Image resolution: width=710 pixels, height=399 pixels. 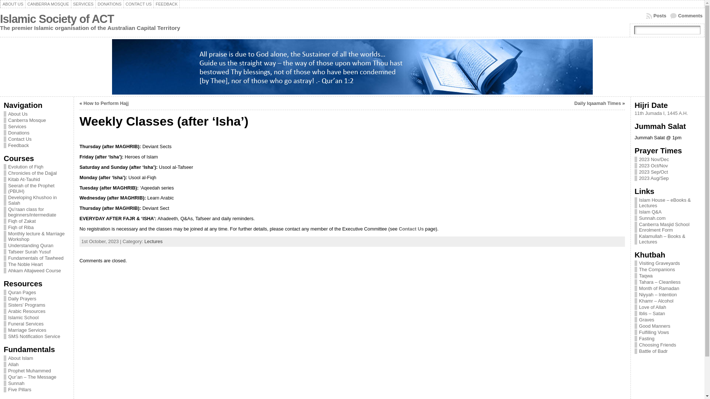 I want to click on 'Love of Allah', so click(x=652, y=307).